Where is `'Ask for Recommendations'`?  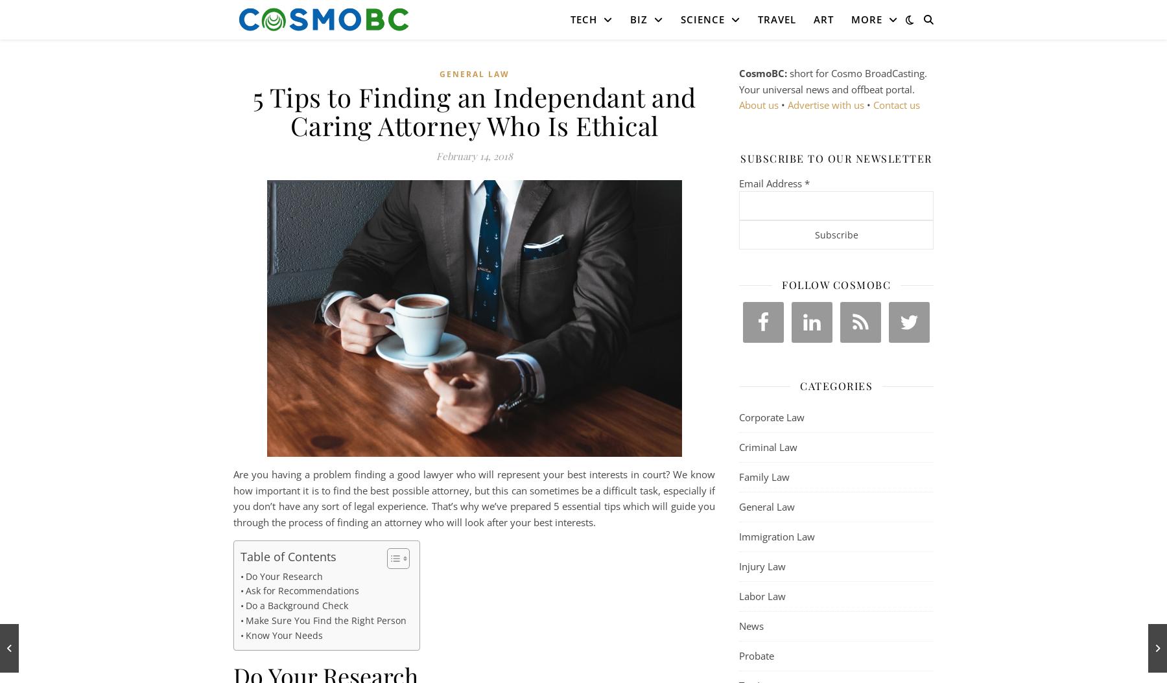 'Ask for Recommendations' is located at coordinates (301, 590).